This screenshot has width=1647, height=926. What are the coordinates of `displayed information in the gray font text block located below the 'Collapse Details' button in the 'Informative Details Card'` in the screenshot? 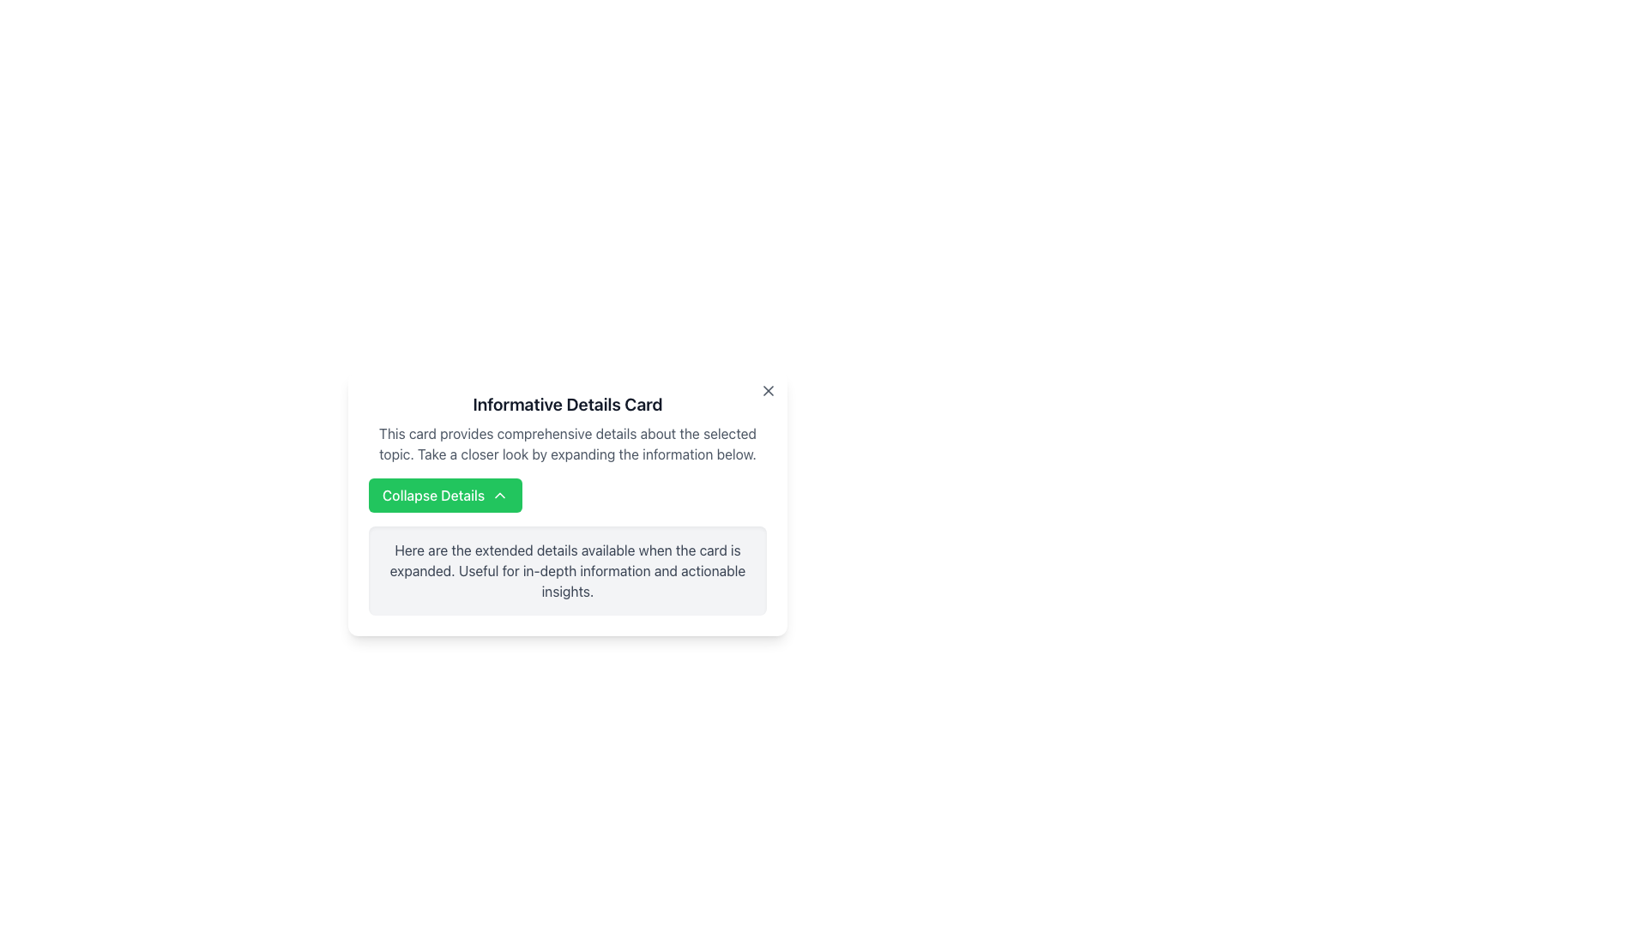 It's located at (568, 571).